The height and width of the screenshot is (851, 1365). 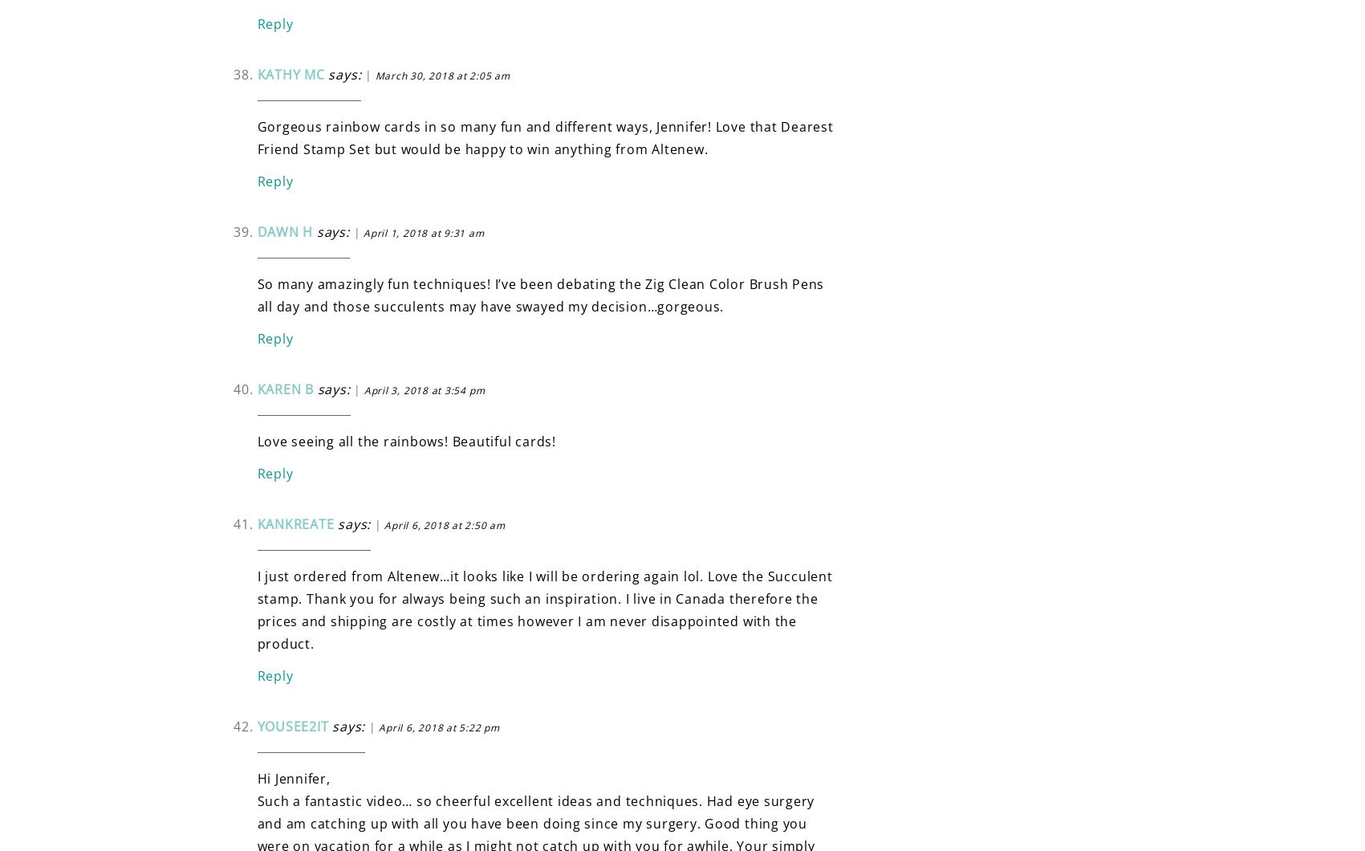 I want to click on 'I just ordered from Altenew…it looks like I will be ordering again lol.  Love the Succulent stamp.  Thank you for always being such an inspiration.  I live in Canada therefore the prices and shipping are costly at times however I am never disappointed with the product.', so click(x=543, y=608).